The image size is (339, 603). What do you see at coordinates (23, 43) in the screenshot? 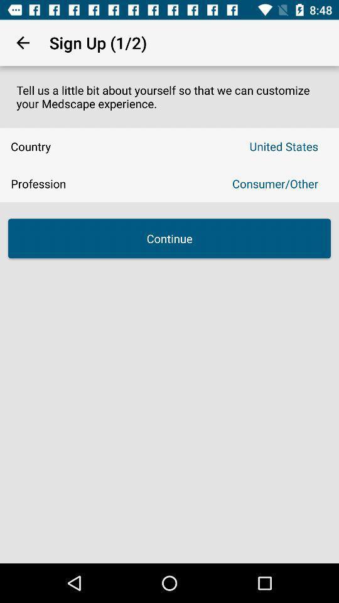
I see `the item above tell us a item` at bounding box center [23, 43].